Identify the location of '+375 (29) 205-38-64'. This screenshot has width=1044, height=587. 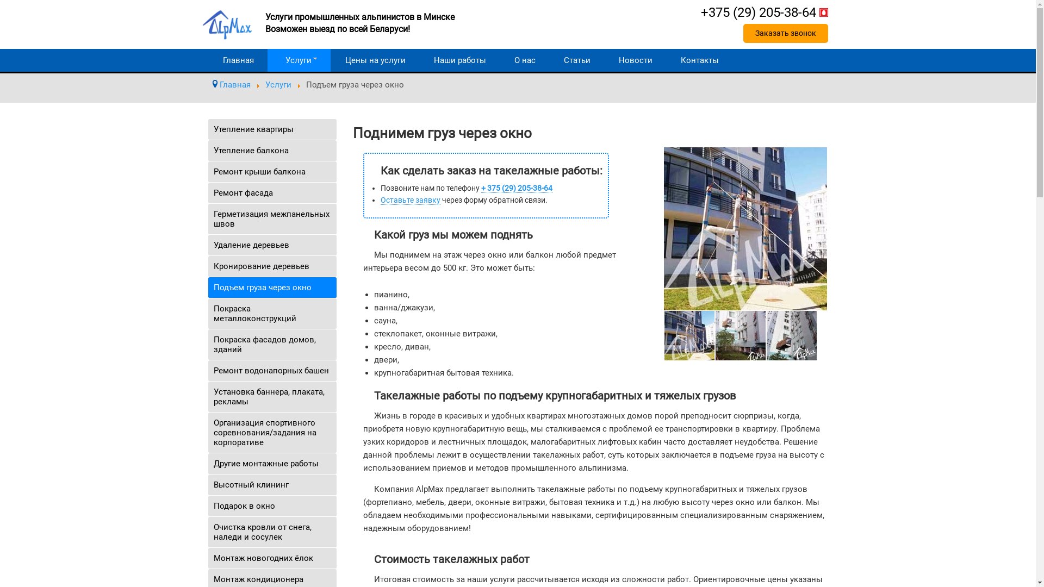
(763, 13).